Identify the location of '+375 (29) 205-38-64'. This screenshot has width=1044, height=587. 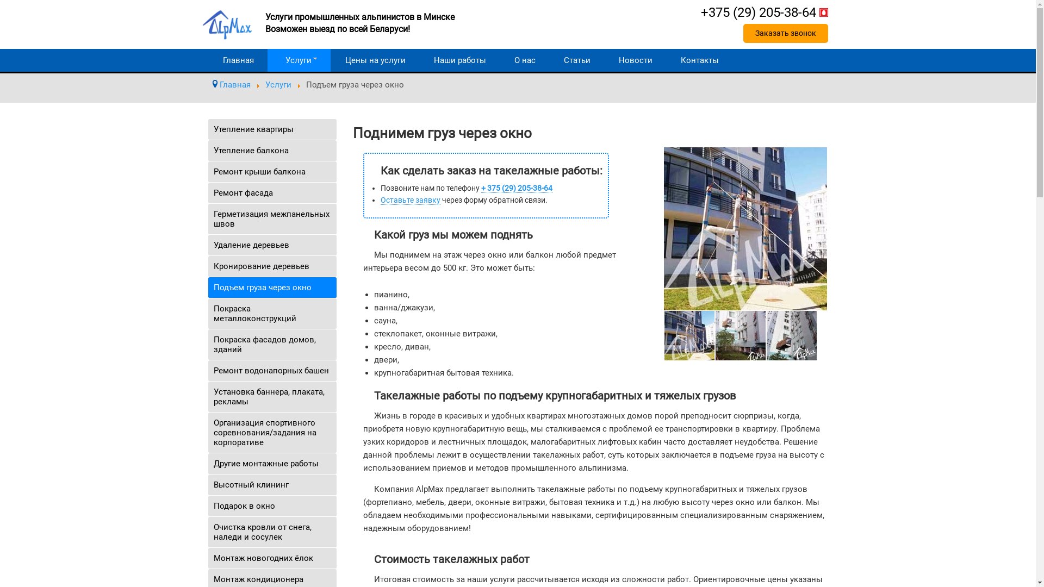
(763, 13).